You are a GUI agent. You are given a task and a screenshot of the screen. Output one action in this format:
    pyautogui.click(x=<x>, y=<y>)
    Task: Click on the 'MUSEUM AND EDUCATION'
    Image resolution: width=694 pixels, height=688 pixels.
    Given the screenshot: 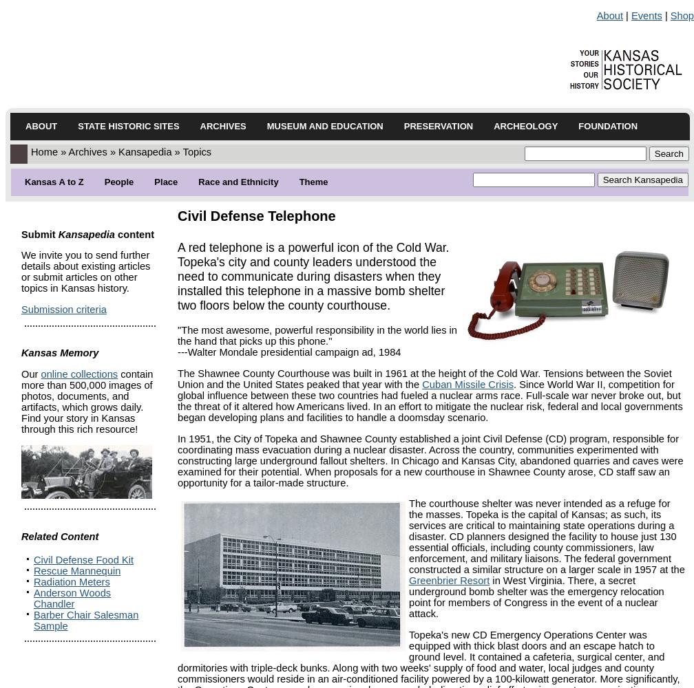 What is the action you would take?
    pyautogui.click(x=324, y=126)
    